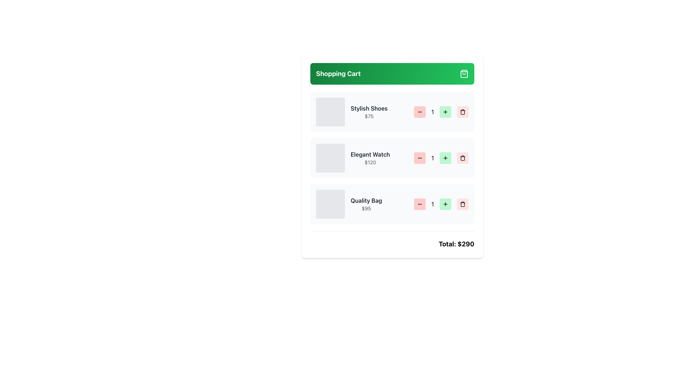 The image size is (692, 389). What do you see at coordinates (353, 158) in the screenshot?
I see `text content displayed in the product listing element located in the second row of the shopping cart, positioned between 'Stylish Shoes' and 'Quality Bag', to the left of the quantity modification controls` at bounding box center [353, 158].